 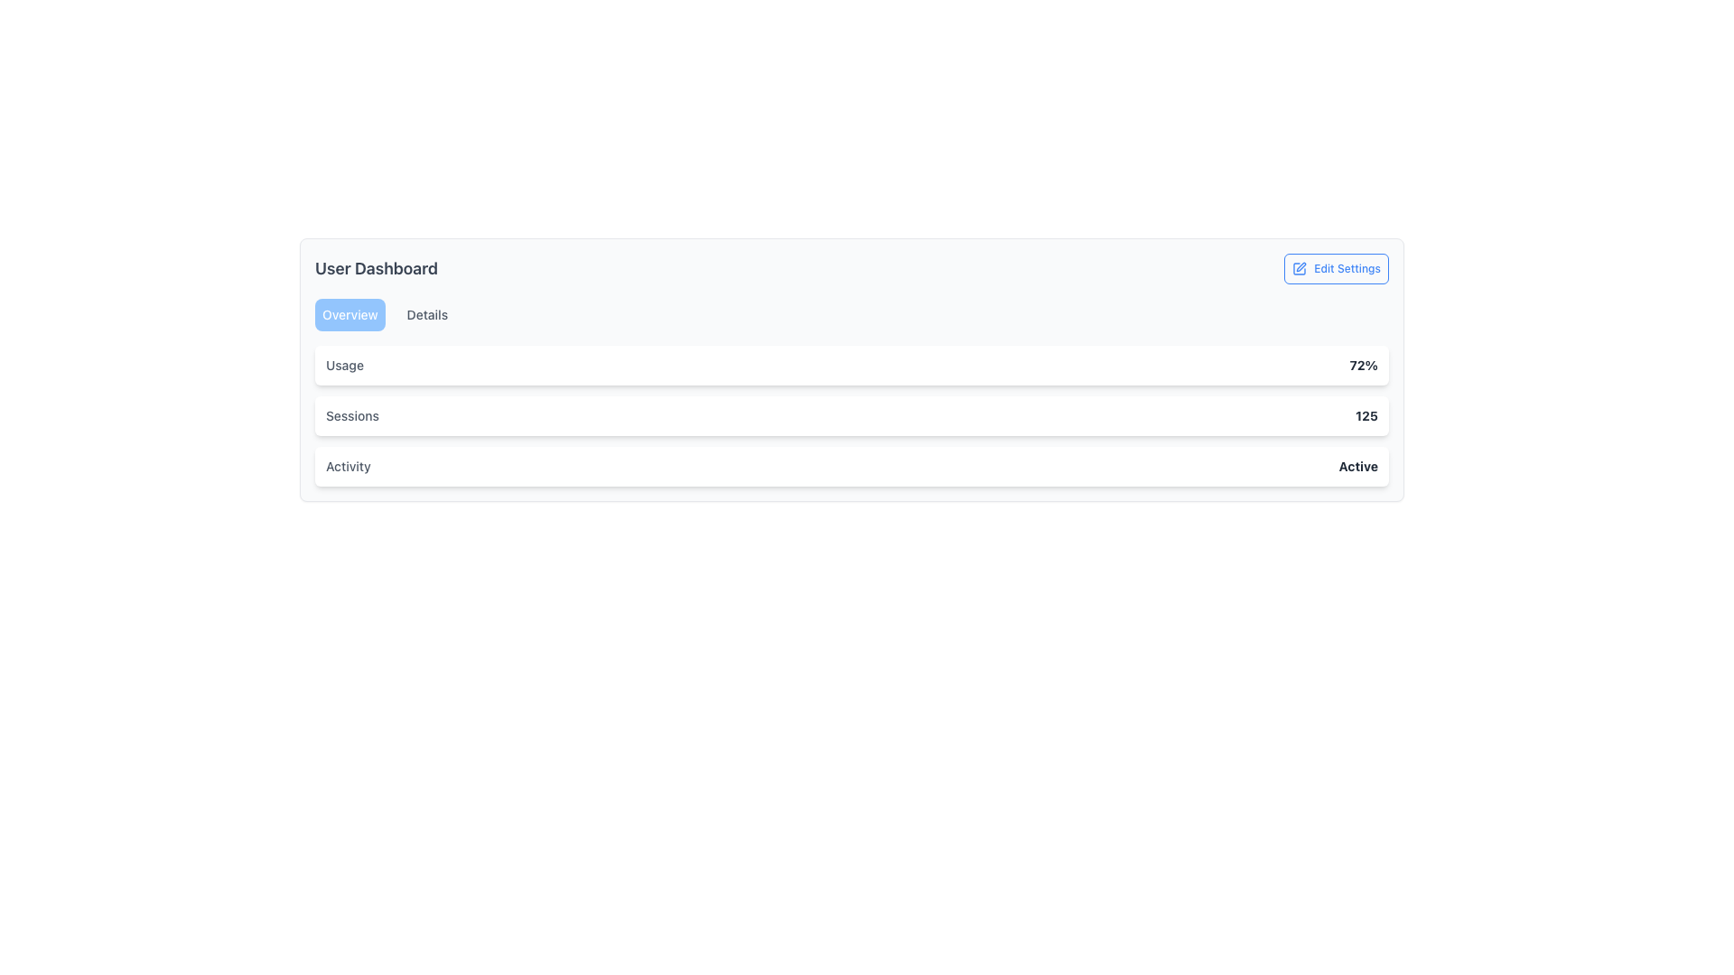 I want to click on the informational card labeled 'Activity' with the word 'Active' in bold on the right side, positioned in the vertical list below 'Usage' and 'Sessions', so click(x=851, y=465).